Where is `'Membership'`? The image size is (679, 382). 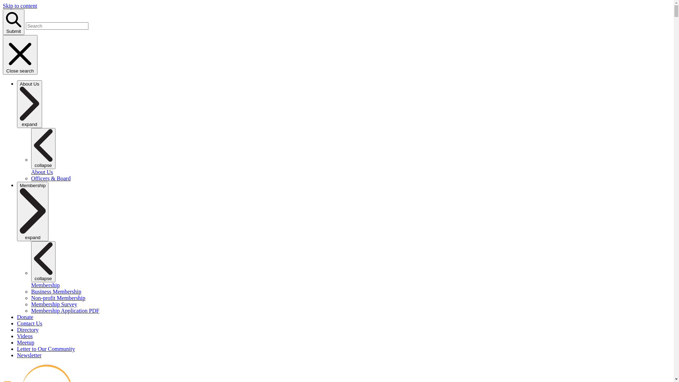 'Membership' is located at coordinates (30, 285).